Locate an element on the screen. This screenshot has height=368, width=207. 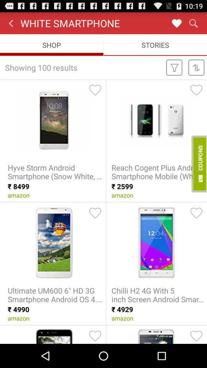
like this item is located at coordinates (196, 90).